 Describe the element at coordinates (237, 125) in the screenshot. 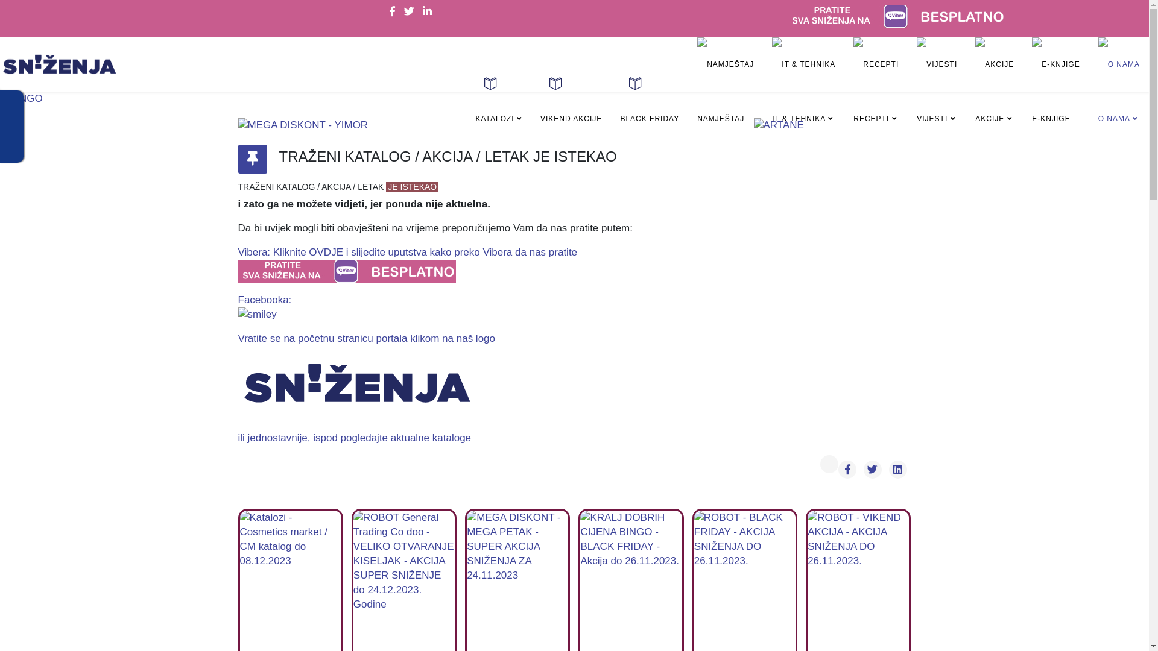

I see `'MEGA DISKONT - YIMOR'` at that location.